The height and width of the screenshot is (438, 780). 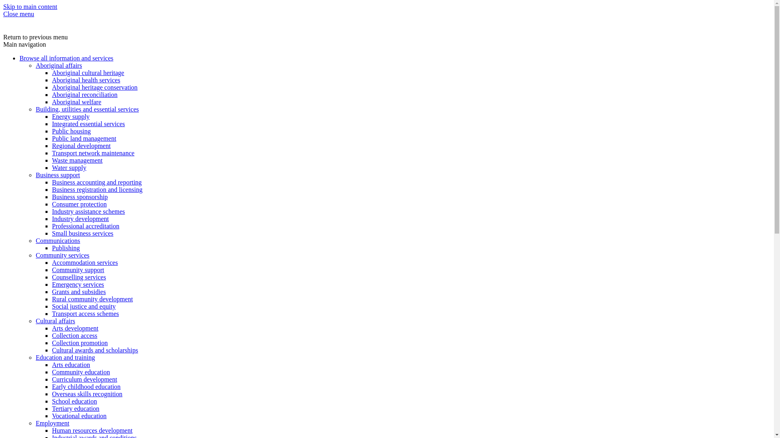 I want to click on 'Building, utilities and essential services', so click(x=87, y=109).